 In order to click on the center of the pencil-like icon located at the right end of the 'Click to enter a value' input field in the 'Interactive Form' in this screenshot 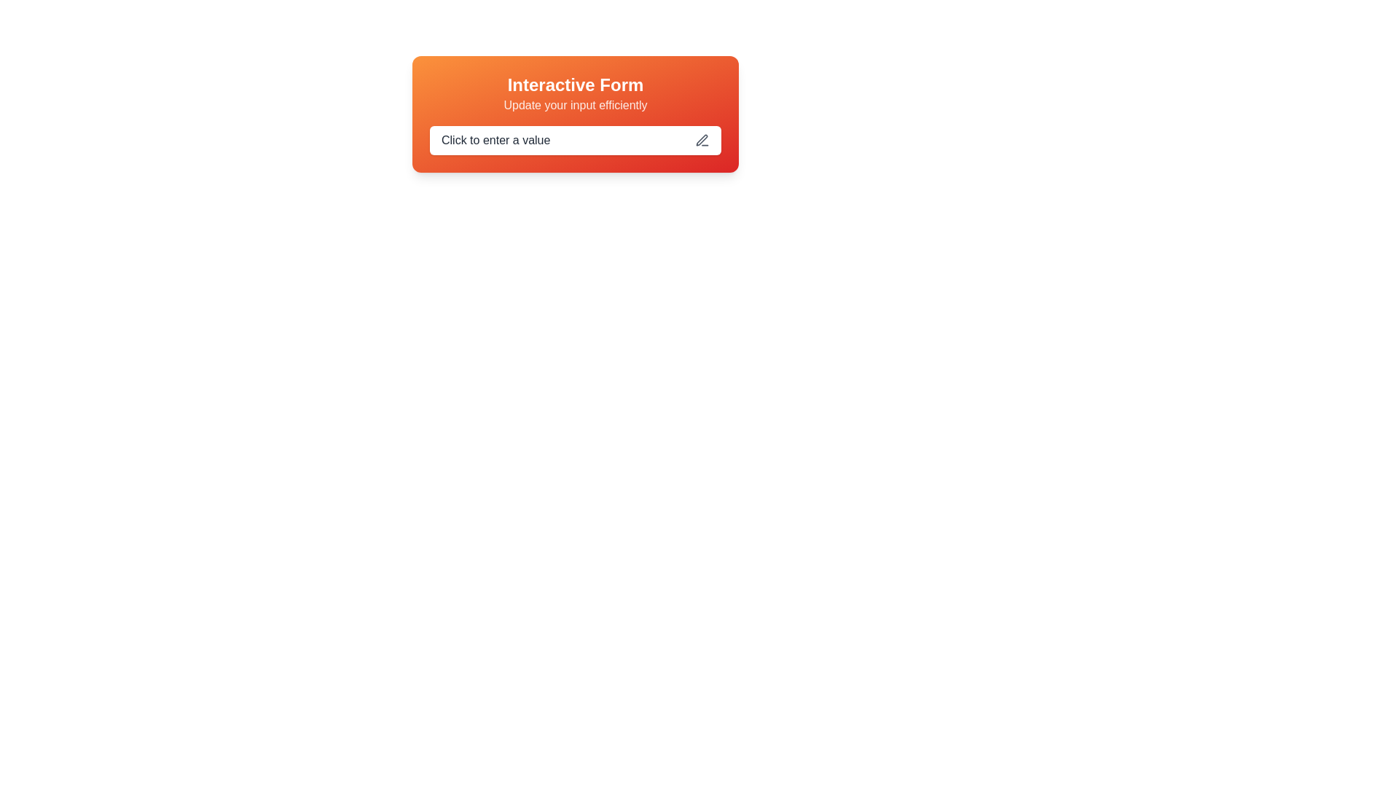, I will do `click(702, 140)`.